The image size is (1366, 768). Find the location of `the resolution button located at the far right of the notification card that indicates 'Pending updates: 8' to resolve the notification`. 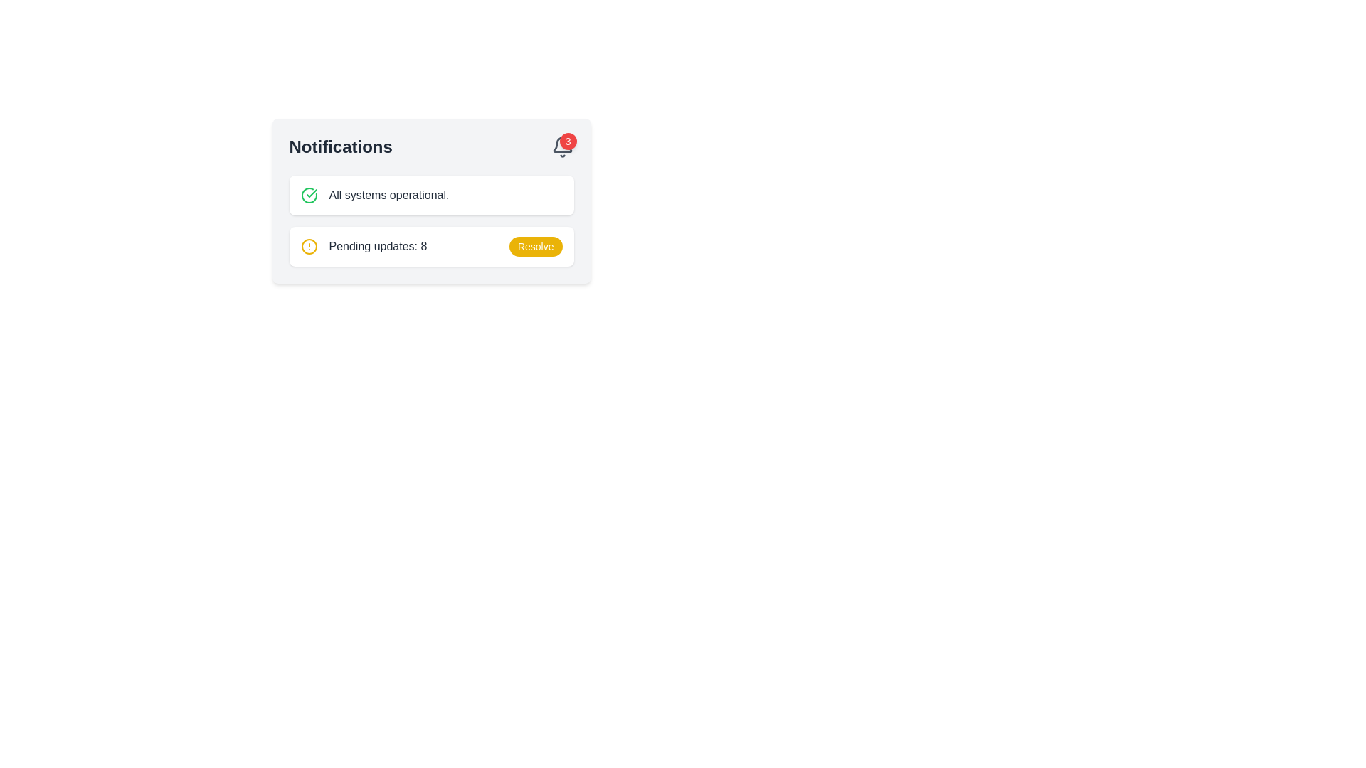

the resolution button located at the far right of the notification card that indicates 'Pending updates: 8' to resolve the notification is located at coordinates (535, 246).